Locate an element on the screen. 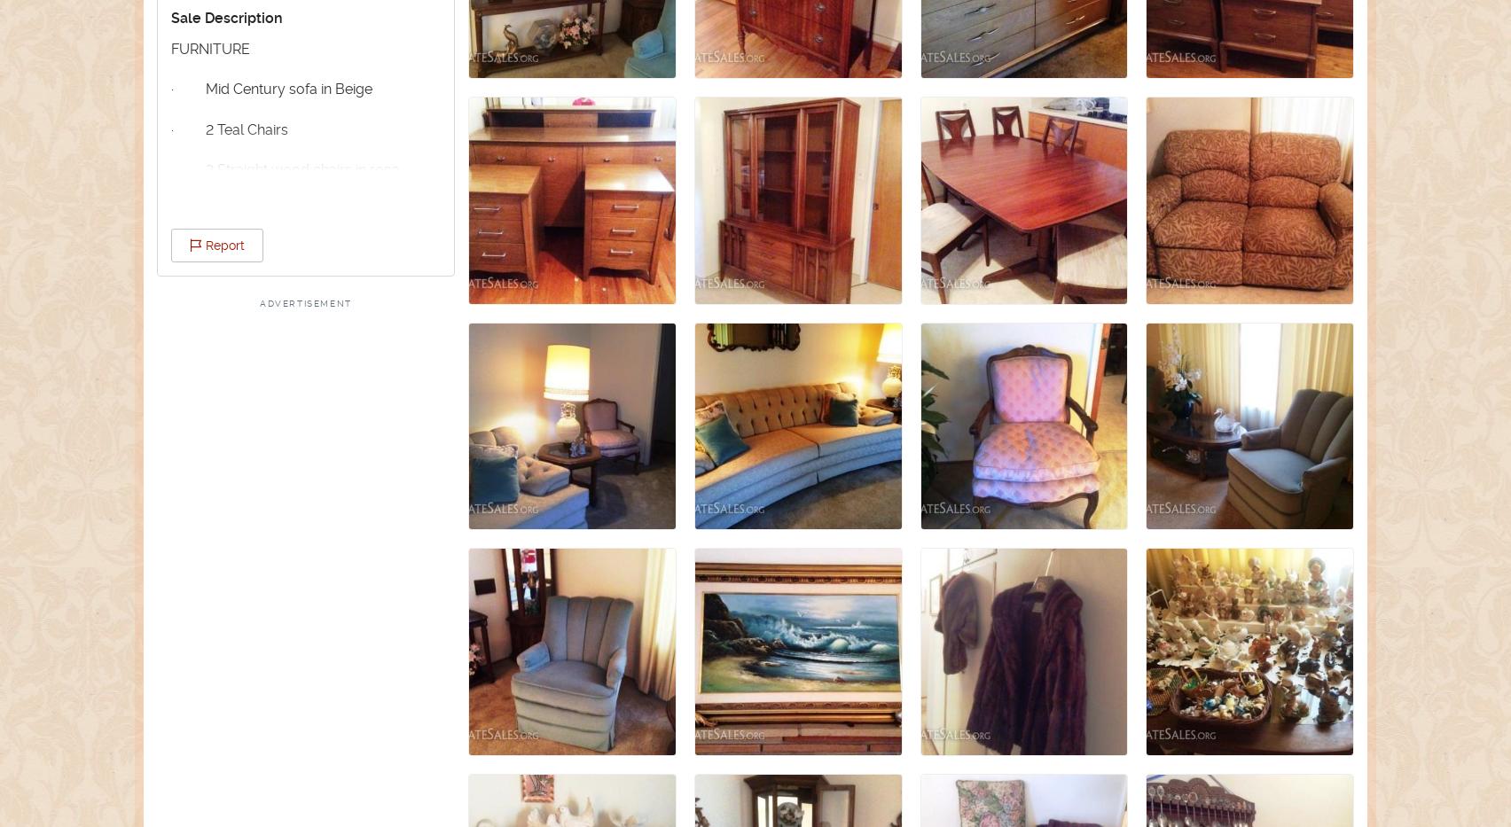 The image size is (1511, 827). '·         Wood table with glass top' is located at coordinates (272, 250).